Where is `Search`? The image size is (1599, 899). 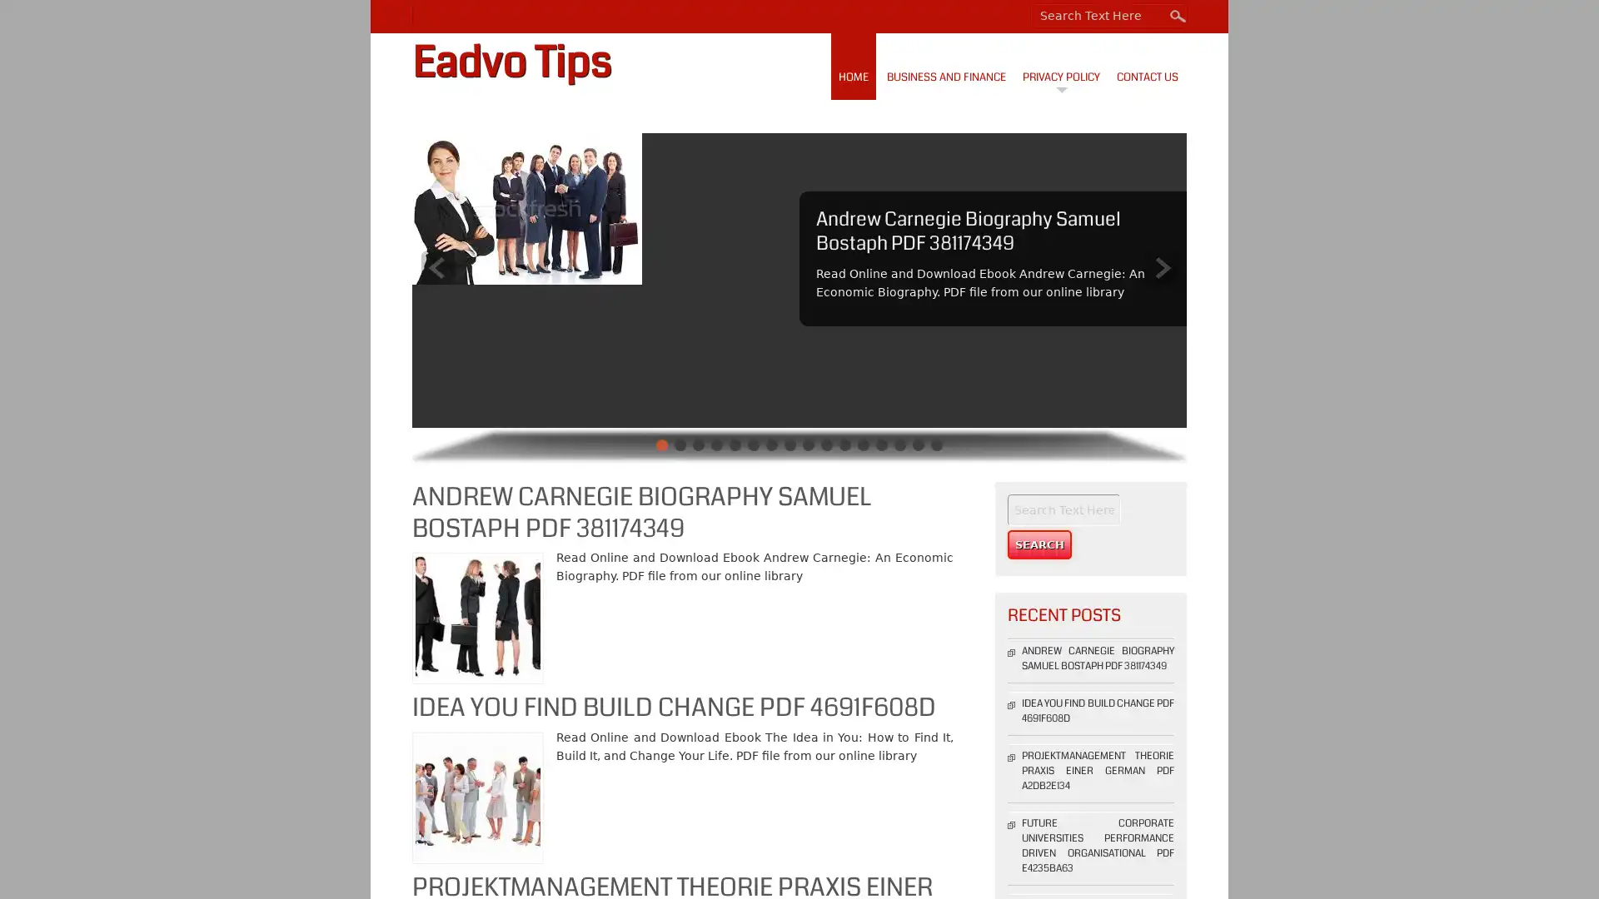 Search is located at coordinates (1039, 544).